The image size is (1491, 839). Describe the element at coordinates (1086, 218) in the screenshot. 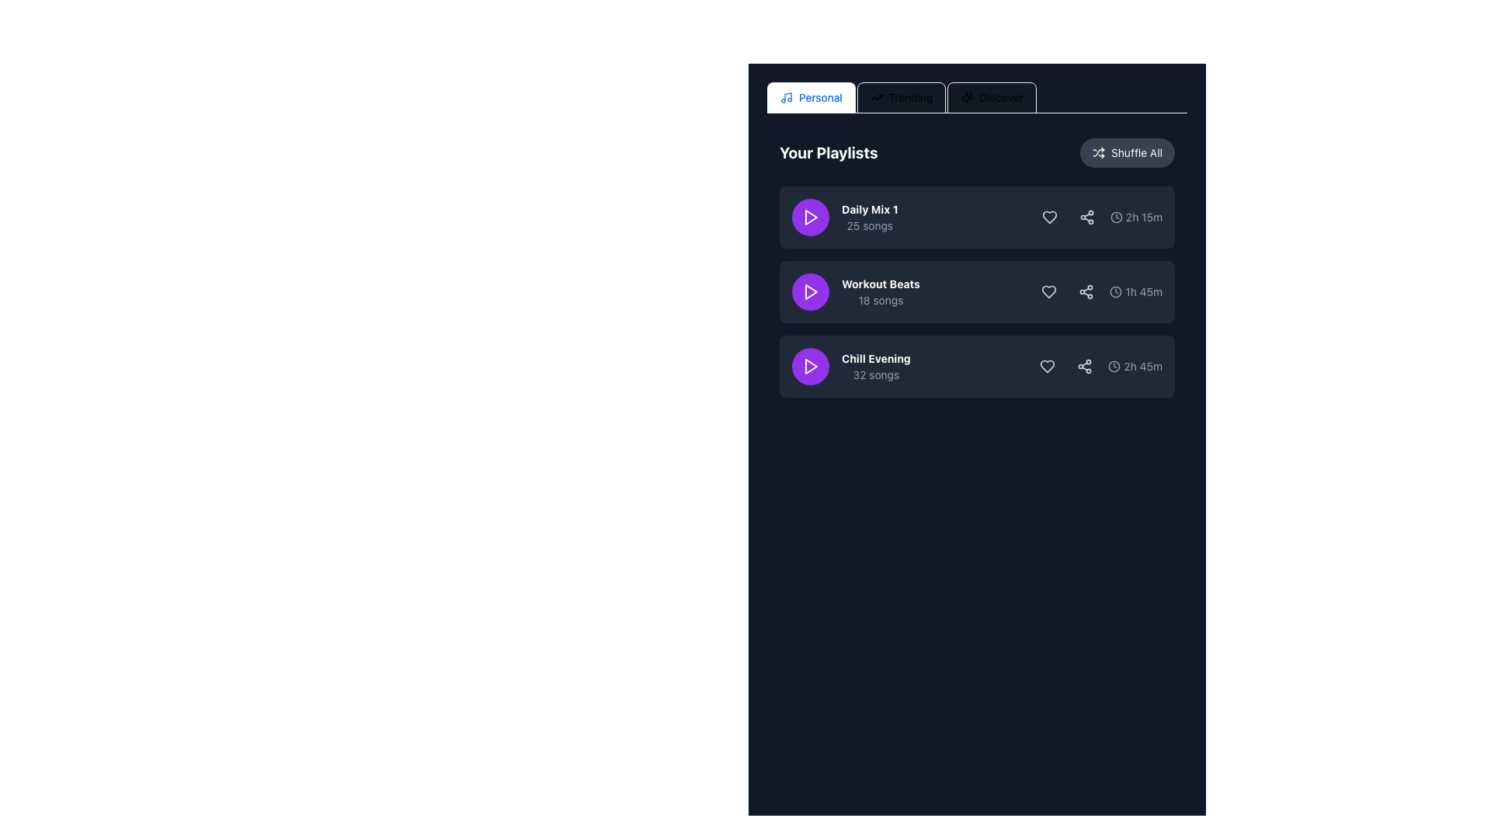

I see `the circular share button located inside the 'Daily Mix 1' playlist item to observe the styling change` at that location.